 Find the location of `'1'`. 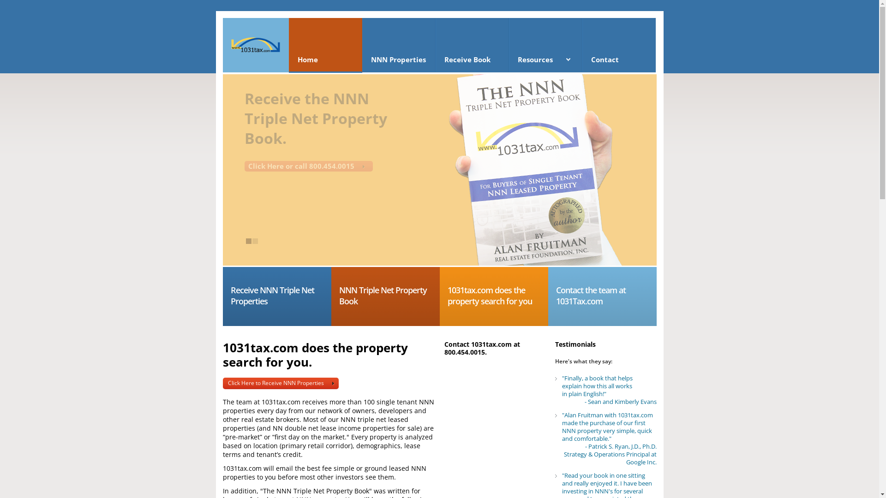

'1' is located at coordinates (248, 241).